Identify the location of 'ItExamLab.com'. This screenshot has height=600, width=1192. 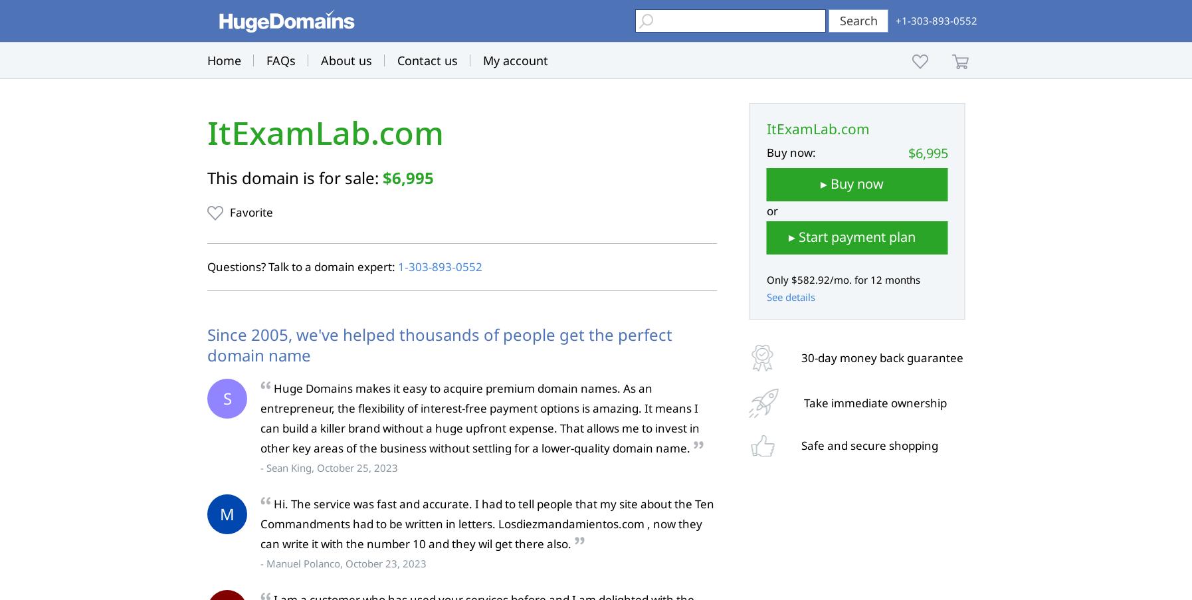
(325, 133).